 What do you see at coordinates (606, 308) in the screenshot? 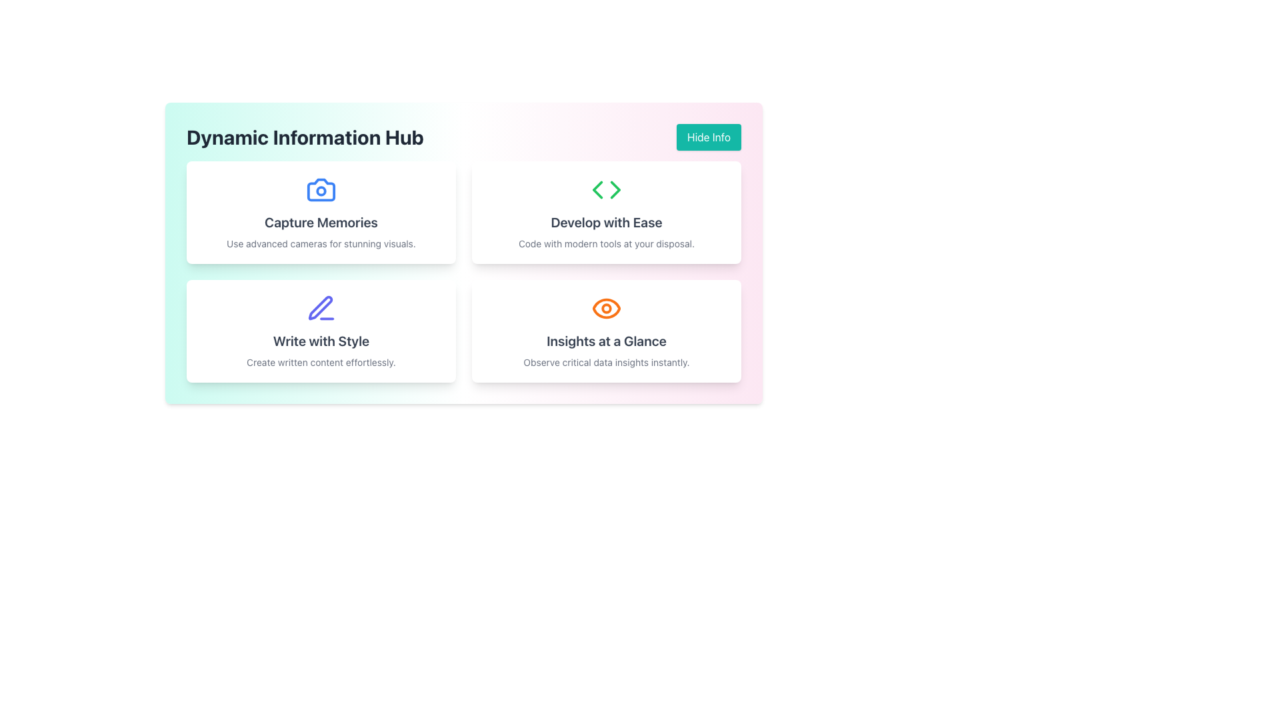
I see `the stylized orange eye icon located in the top-middle section of the 'Insights at a Glance' card` at bounding box center [606, 308].